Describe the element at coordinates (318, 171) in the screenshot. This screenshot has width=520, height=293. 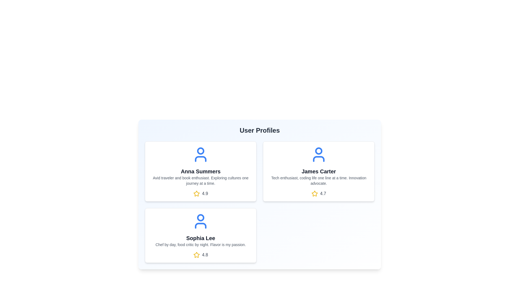
I see `the user name James Carter` at that location.